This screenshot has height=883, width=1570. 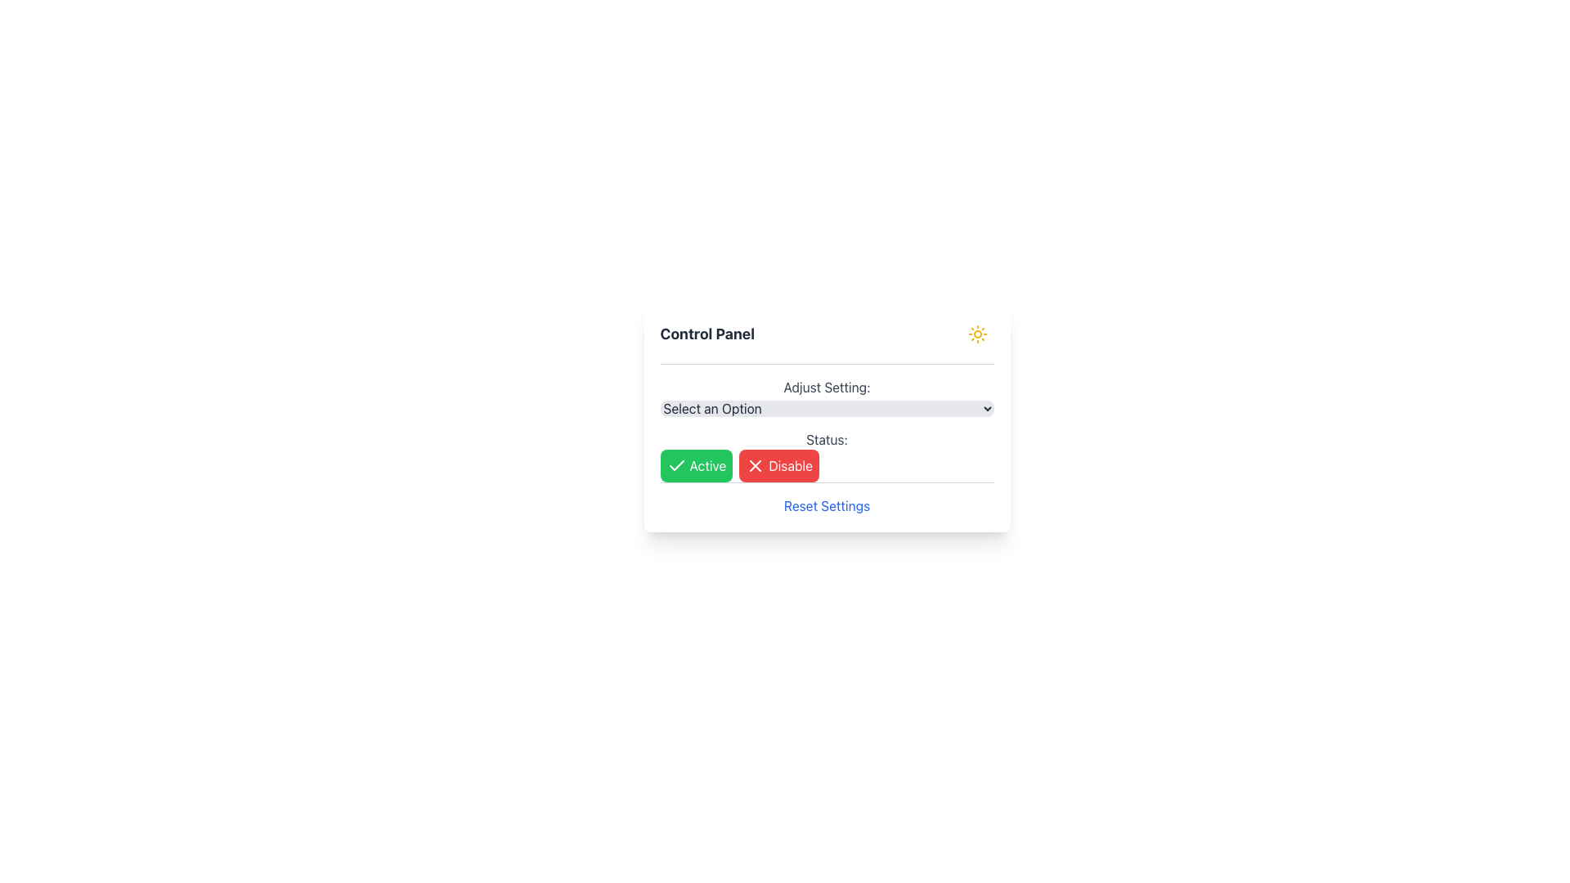 What do you see at coordinates (827, 498) in the screenshot?
I see `the hyperlink located at the bottom of the panel, underneath the 'Status:' section, to reset settings to their original state` at bounding box center [827, 498].